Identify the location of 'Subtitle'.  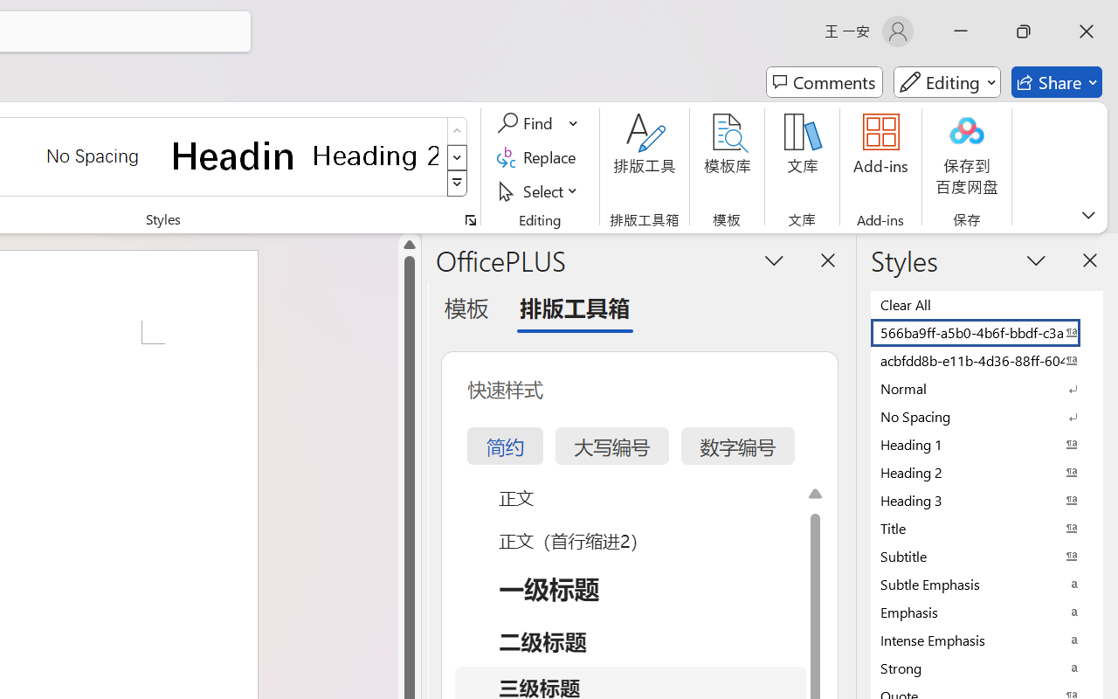
(987, 555).